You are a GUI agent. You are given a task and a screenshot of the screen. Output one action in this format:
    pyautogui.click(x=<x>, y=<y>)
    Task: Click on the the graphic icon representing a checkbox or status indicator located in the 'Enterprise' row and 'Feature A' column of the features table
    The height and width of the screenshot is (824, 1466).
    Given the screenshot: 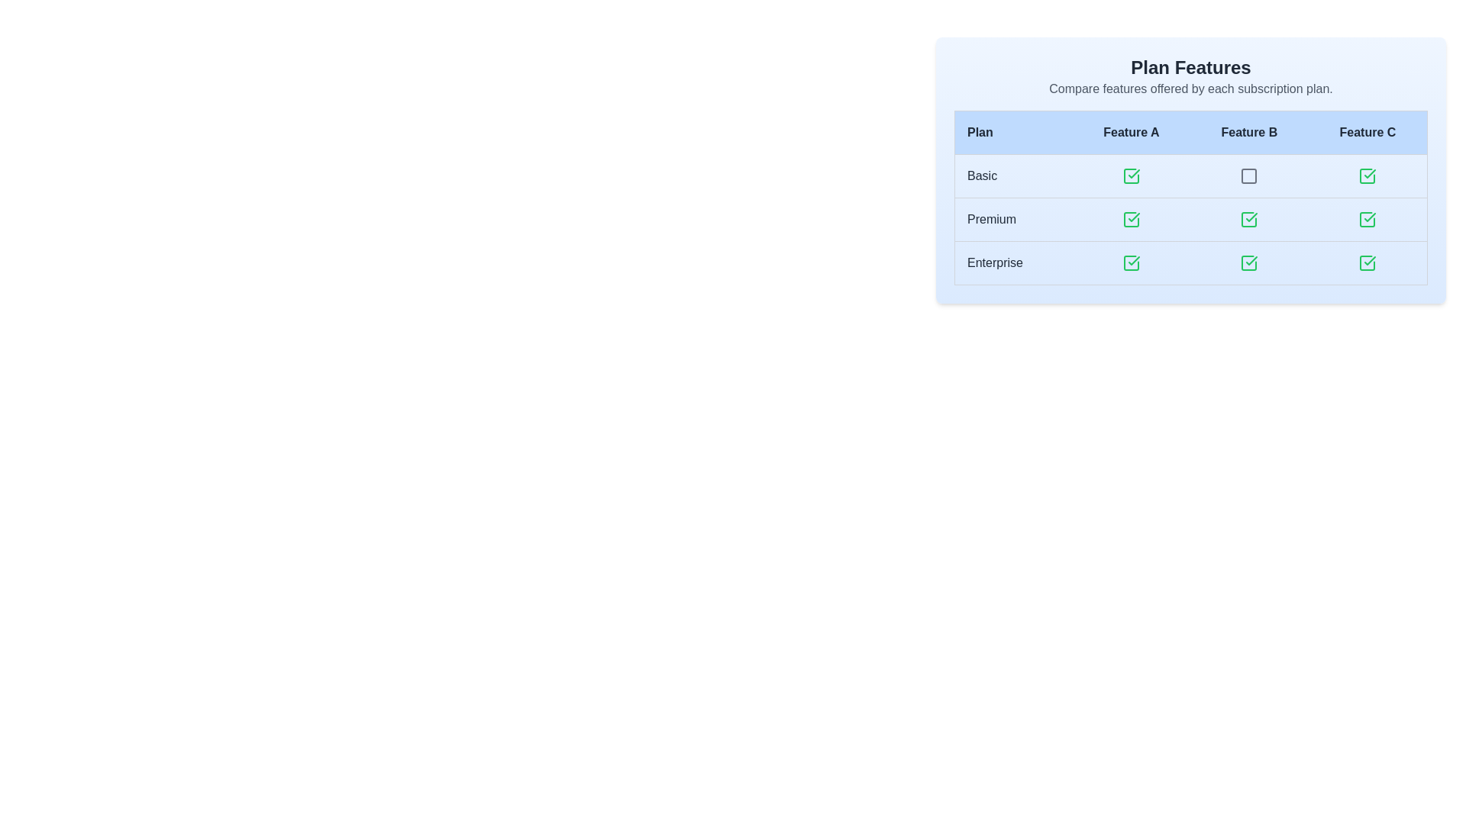 What is the action you would take?
    pyautogui.click(x=1131, y=262)
    